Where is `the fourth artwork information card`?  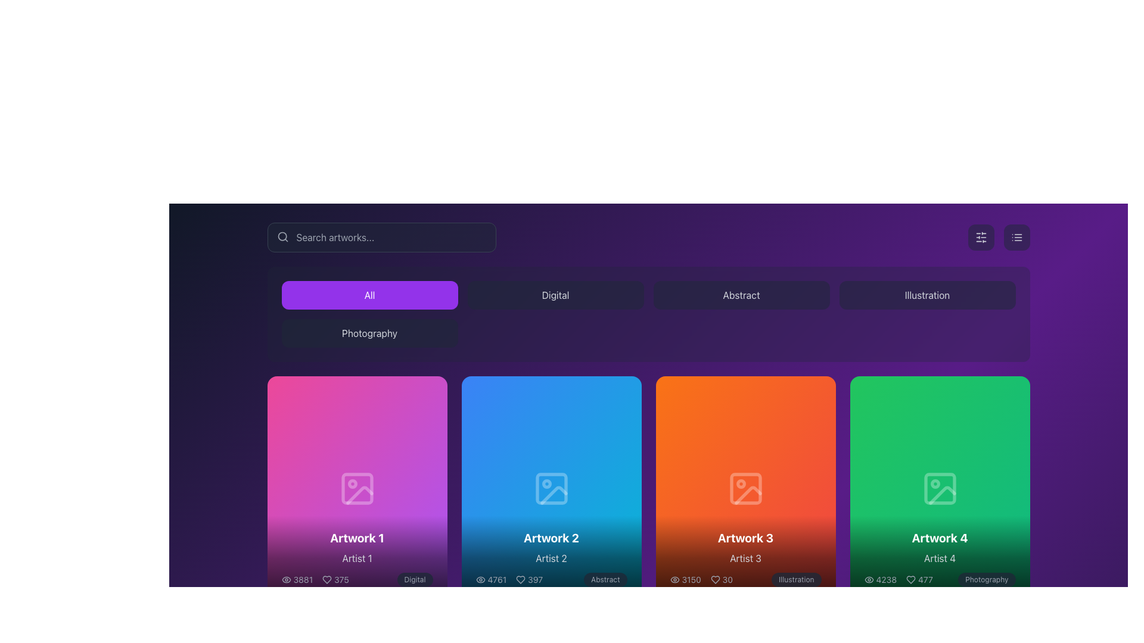
the fourth artwork information card is located at coordinates (939, 488).